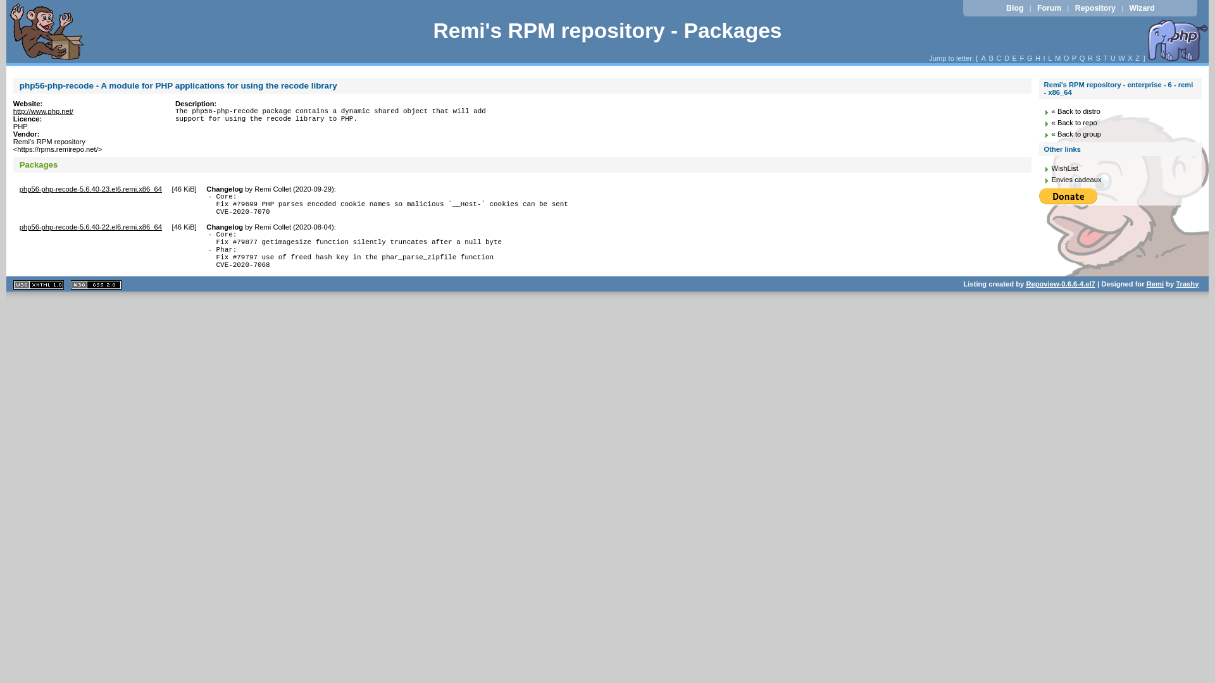  I want to click on 'XHTML 1.1 valide', so click(39, 285).